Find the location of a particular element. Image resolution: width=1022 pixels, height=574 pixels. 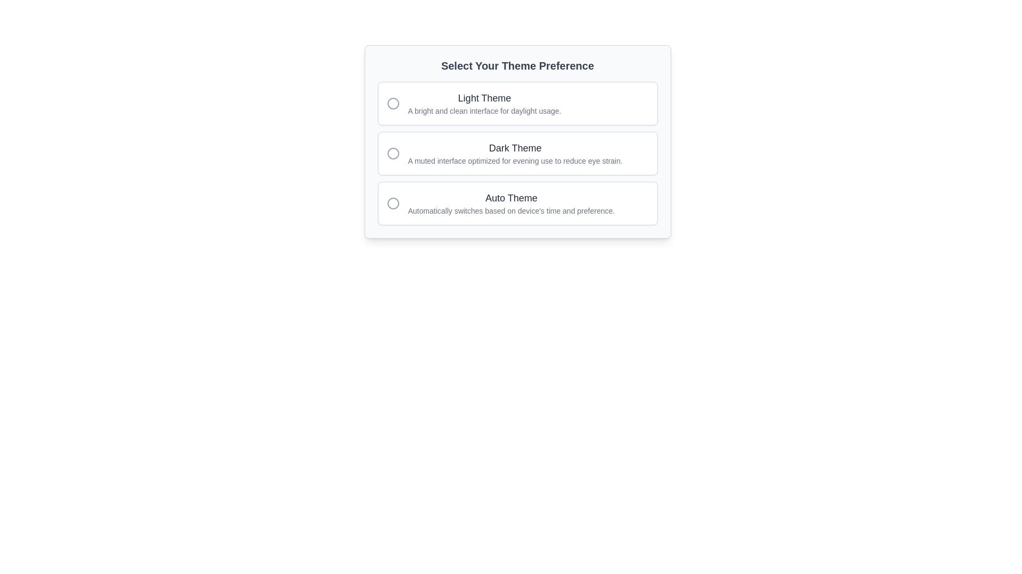

the 'Dark Theme' label in the theme preference selector, which is positioned between 'Light Theme' and 'Auto Theme' is located at coordinates (515, 154).